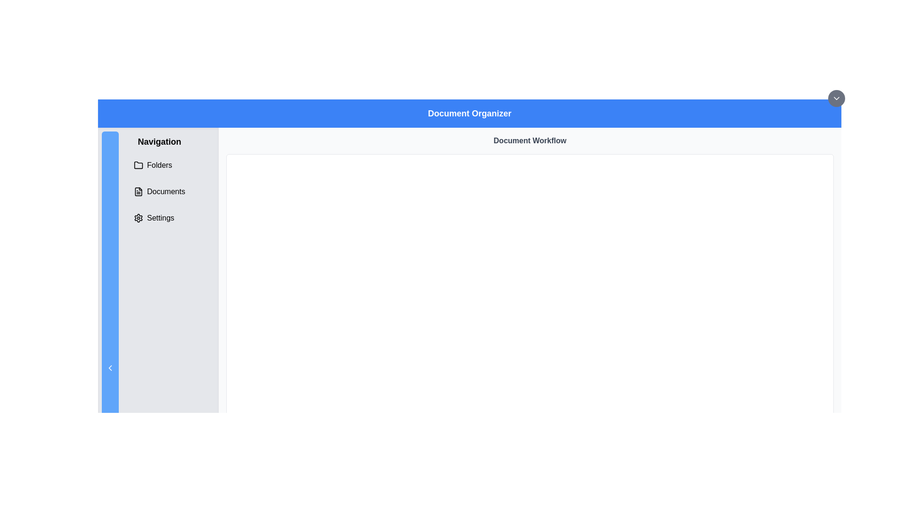 This screenshot has width=905, height=509. What do you see at coordinates (159, 165) in the screenshot?
I see `the 'Folders' text label in the left sidebar menu` at bounding box center [159, 165].